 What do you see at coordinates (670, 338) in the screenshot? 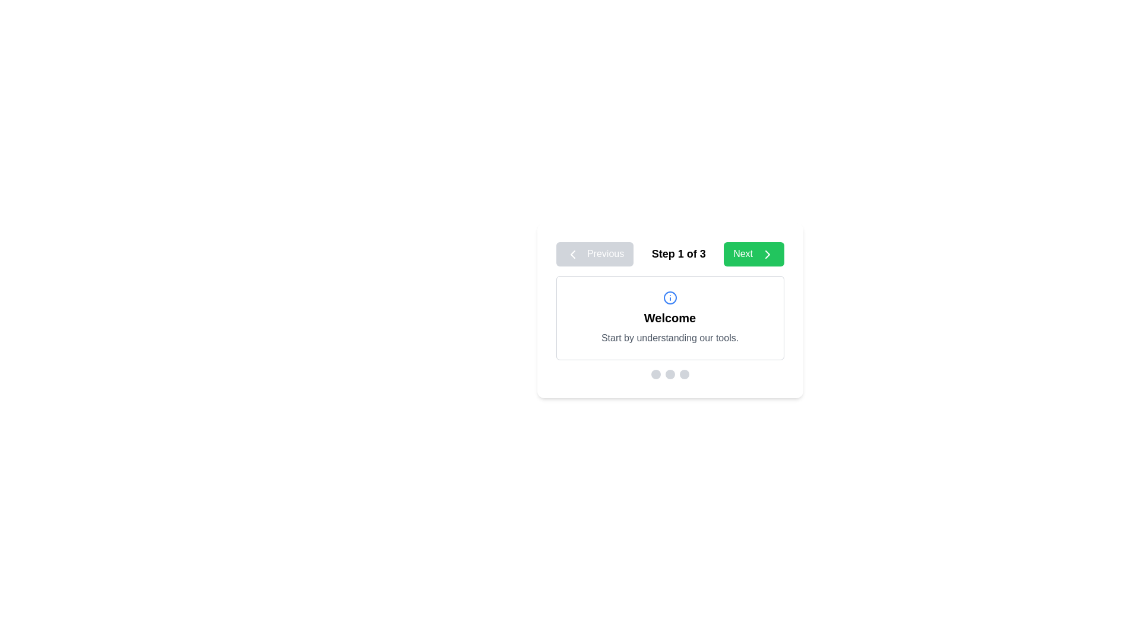
I see `the introductory text label located below the bold title 'Welcome'` at bounding box center [670, 338].